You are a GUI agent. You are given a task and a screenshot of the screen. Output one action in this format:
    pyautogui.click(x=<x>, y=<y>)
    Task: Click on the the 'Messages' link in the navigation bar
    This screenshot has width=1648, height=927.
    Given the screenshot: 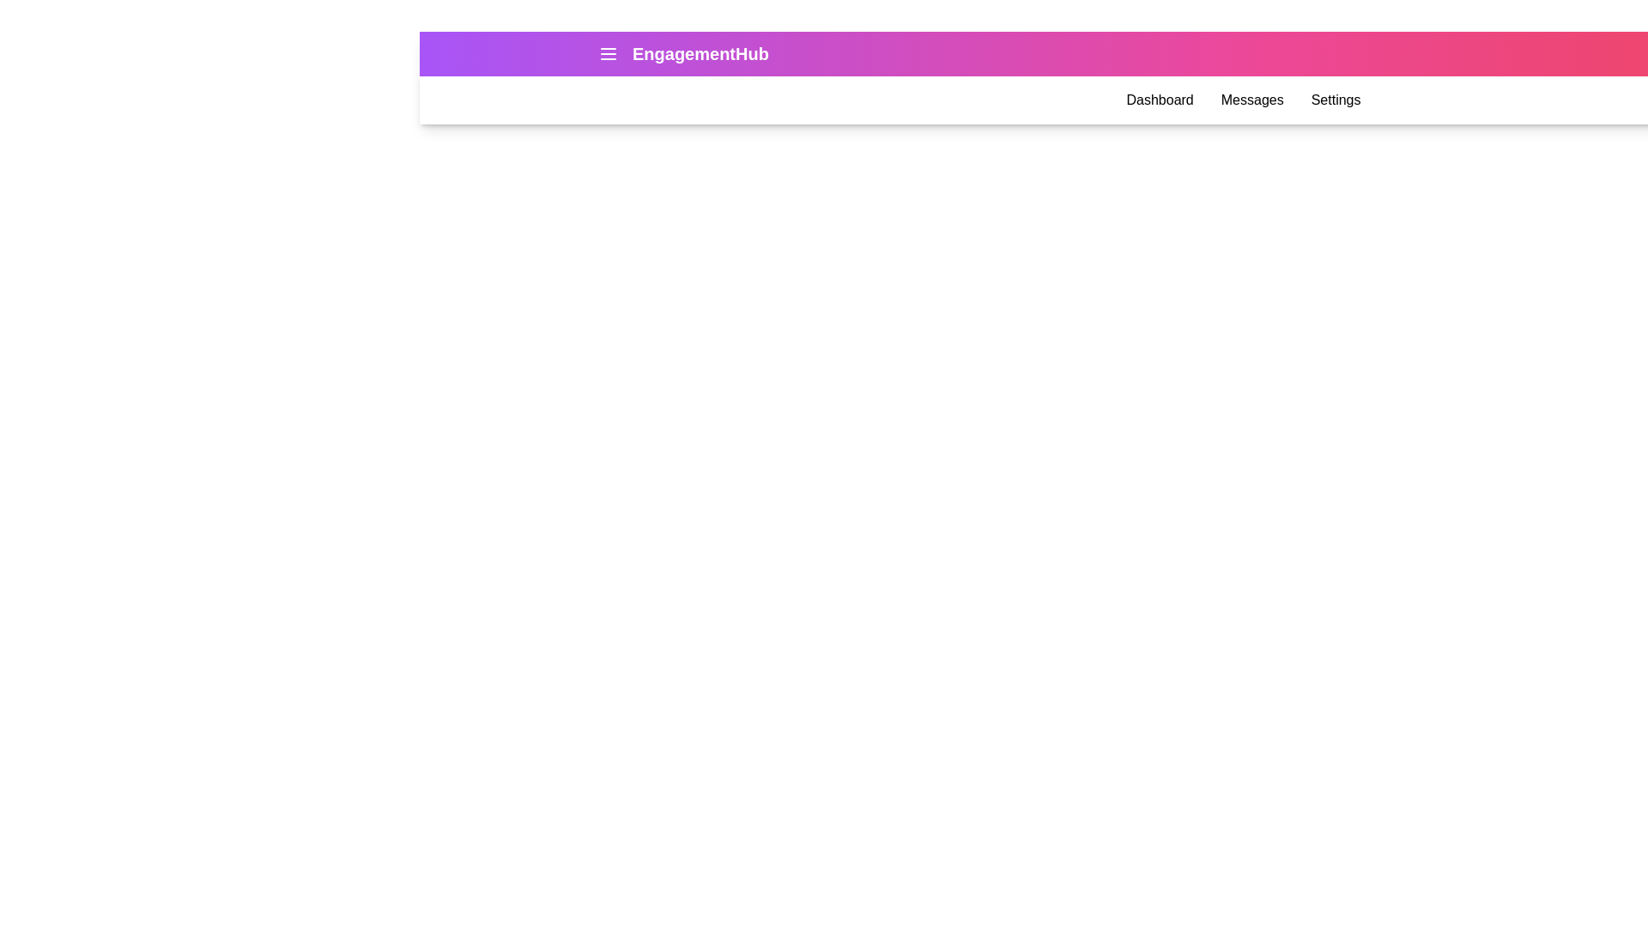 What is the action you would take?
    pyautogui.click(x=1252, y=100)
    